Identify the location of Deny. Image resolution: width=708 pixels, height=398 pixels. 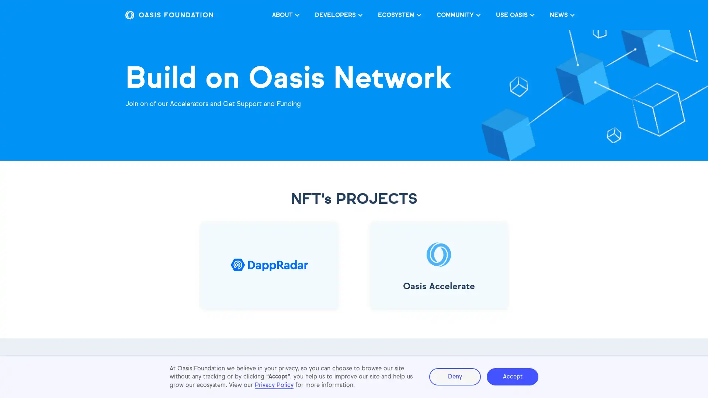
(454, 377).